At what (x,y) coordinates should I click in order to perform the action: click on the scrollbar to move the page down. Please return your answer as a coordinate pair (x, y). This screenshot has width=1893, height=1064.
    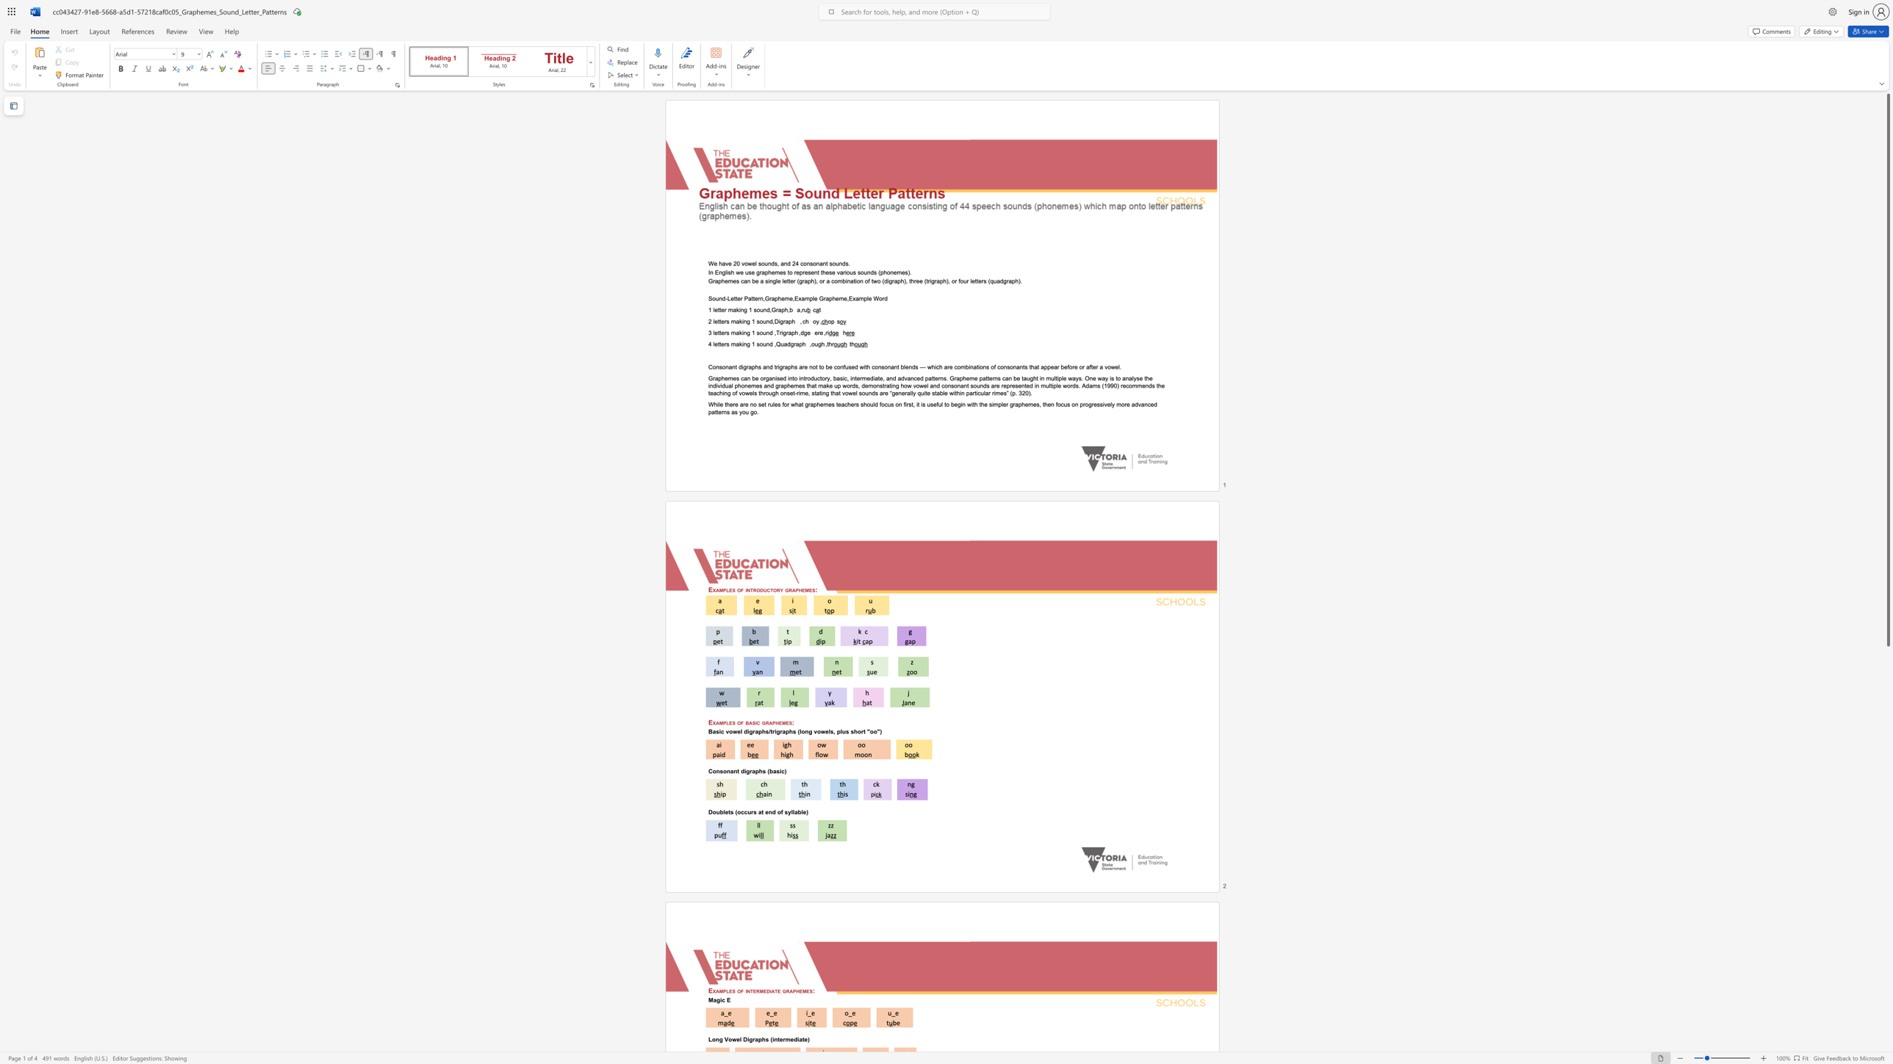
    Looking at the image, I should click on (1887, 678).